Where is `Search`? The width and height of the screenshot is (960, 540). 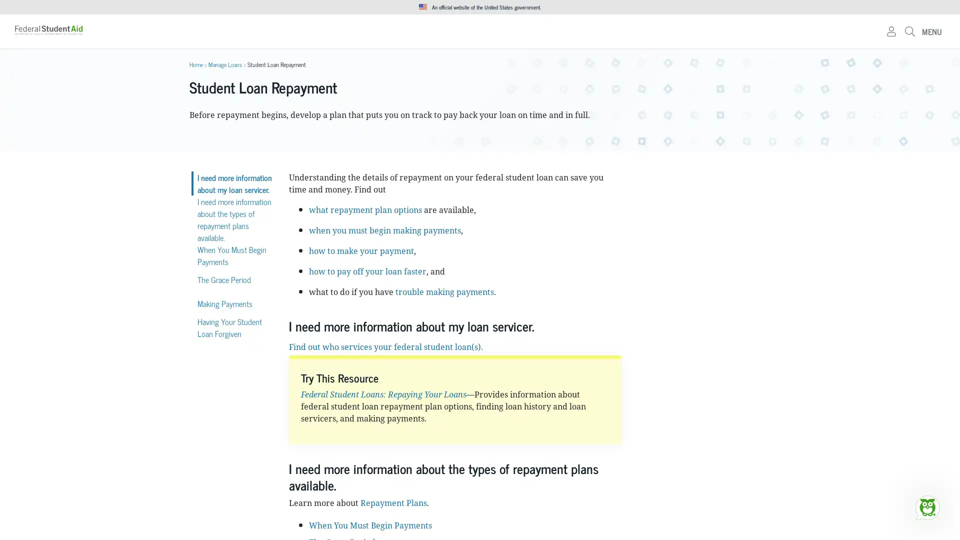
Search is located at coordinates (628, 34).